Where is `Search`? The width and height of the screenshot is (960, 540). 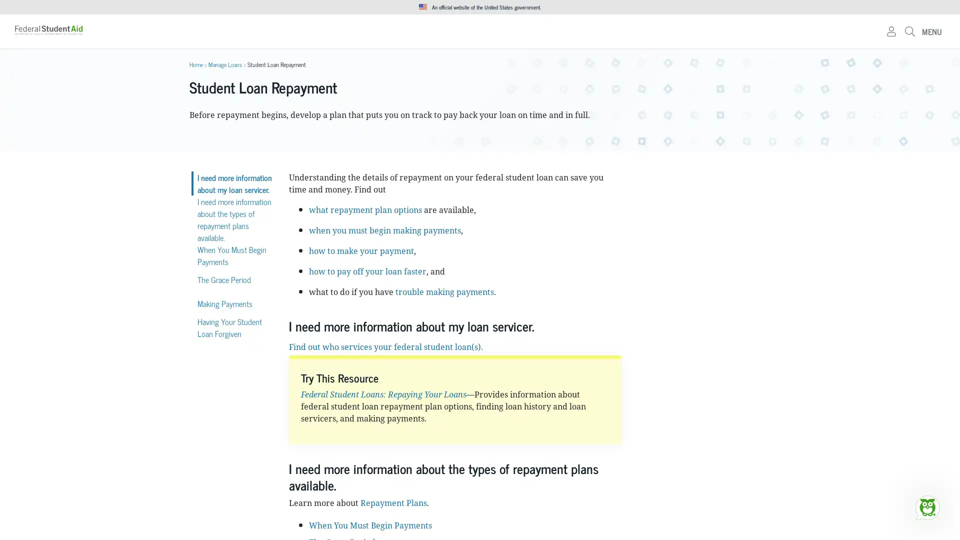
Search is located at coordinates (628, 34).